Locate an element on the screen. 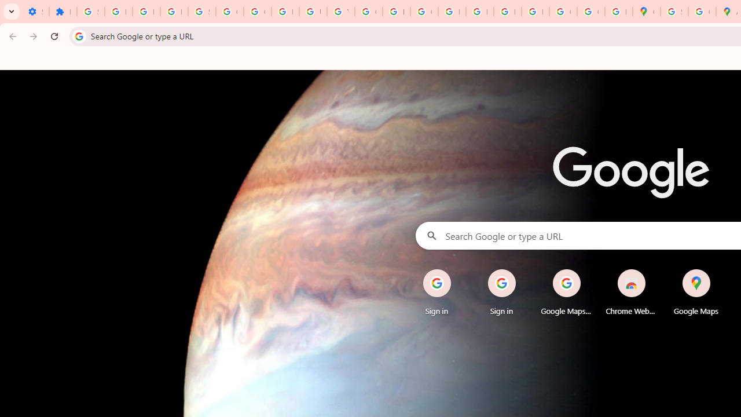 The height and width of the screenshot is (417, 741). 'Create your Google Account' is located at coordinates (701, 12).